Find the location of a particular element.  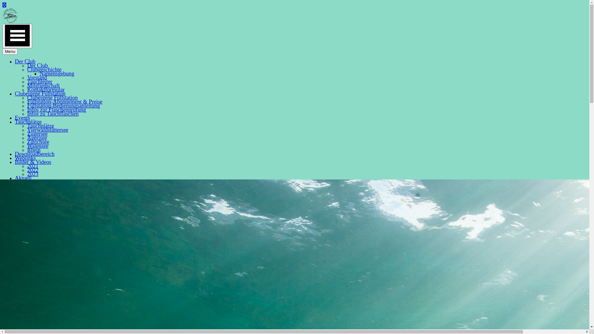

'2021' is located at coordinates (32, 165).